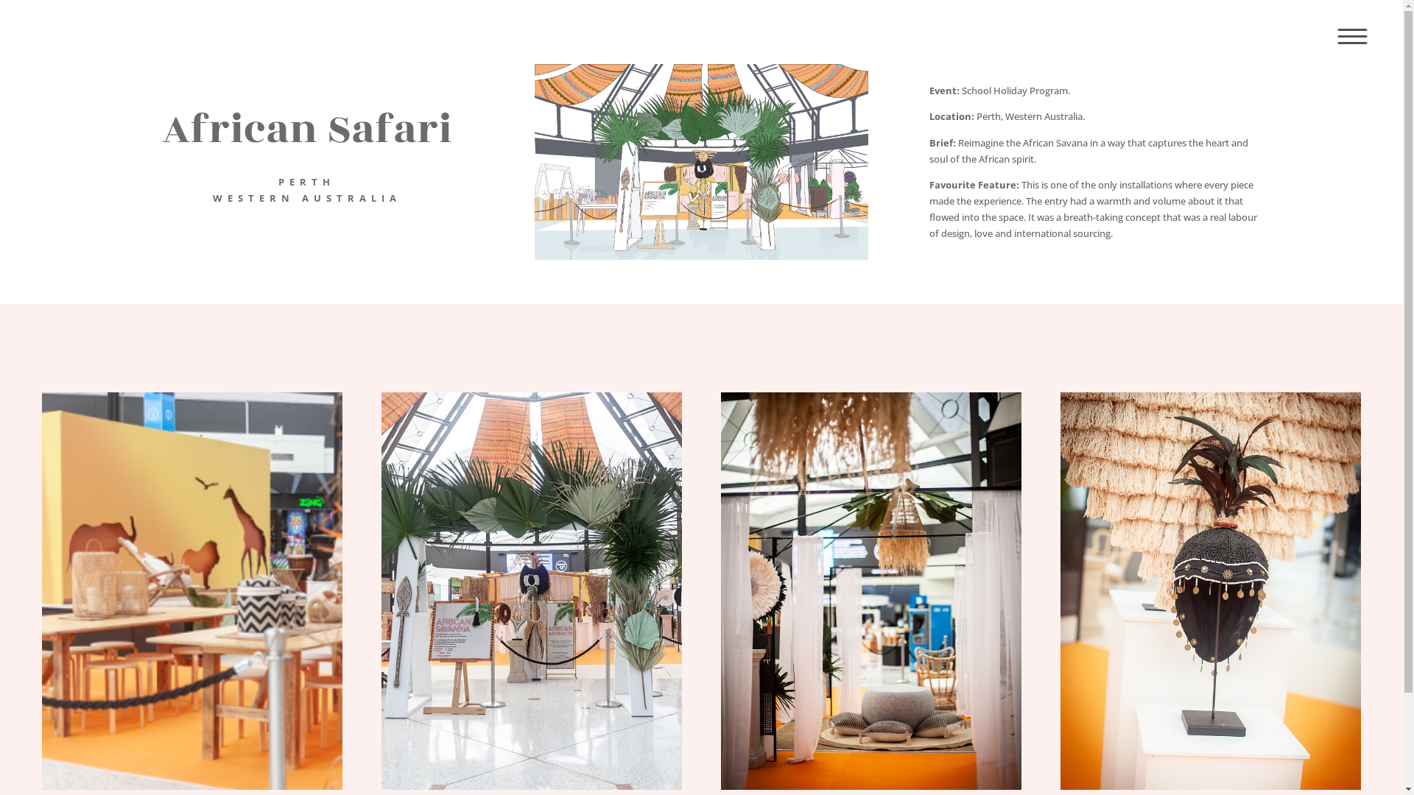  Describe the element at coordinates (700, 161) in the screenshot. I see `'Lion king illustration Draft 1'` at that location.